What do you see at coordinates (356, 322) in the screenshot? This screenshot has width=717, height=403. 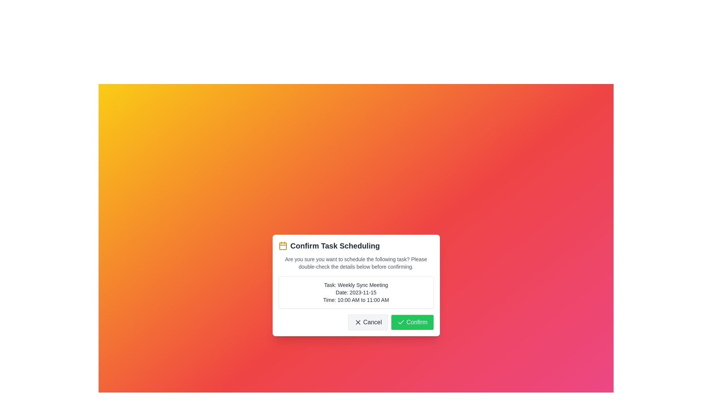 I see `the 'Cancel' button on the grouped button component located at the bottom-right of the 'Confirm Task Scheduling' dialog to abort the operation` at bounding box center [356, 322].